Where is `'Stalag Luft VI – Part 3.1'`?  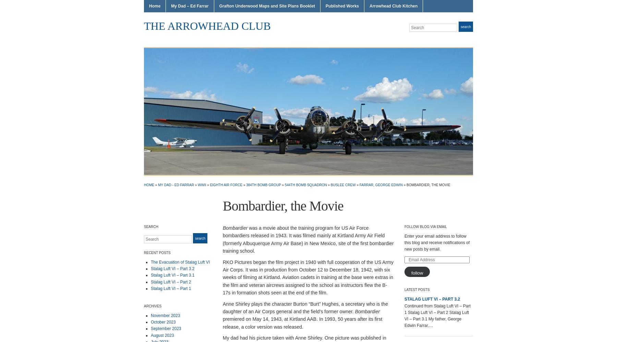 'Stalag Luft VI – Part 3.1' is located at coordinates (172, 275).